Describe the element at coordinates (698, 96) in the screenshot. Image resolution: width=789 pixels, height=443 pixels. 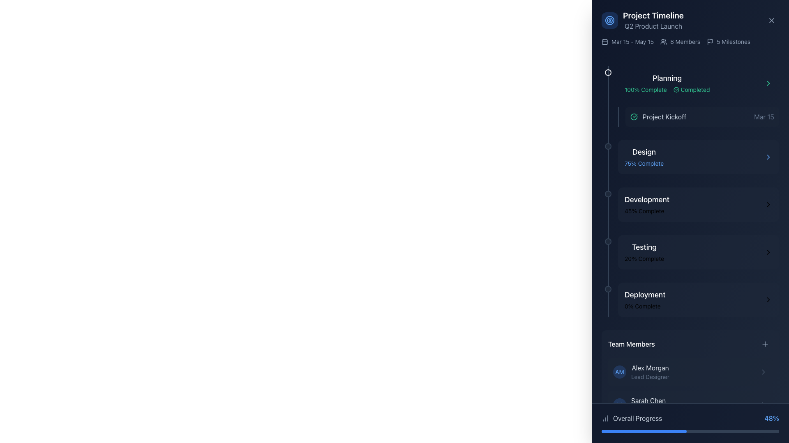
I see `the 'Planning' phase header in the project timeline` at that location.